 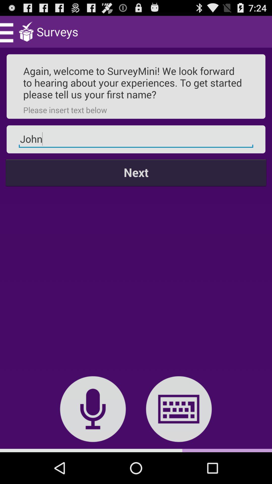 I want to click on next item, so click(x=136, y=172).